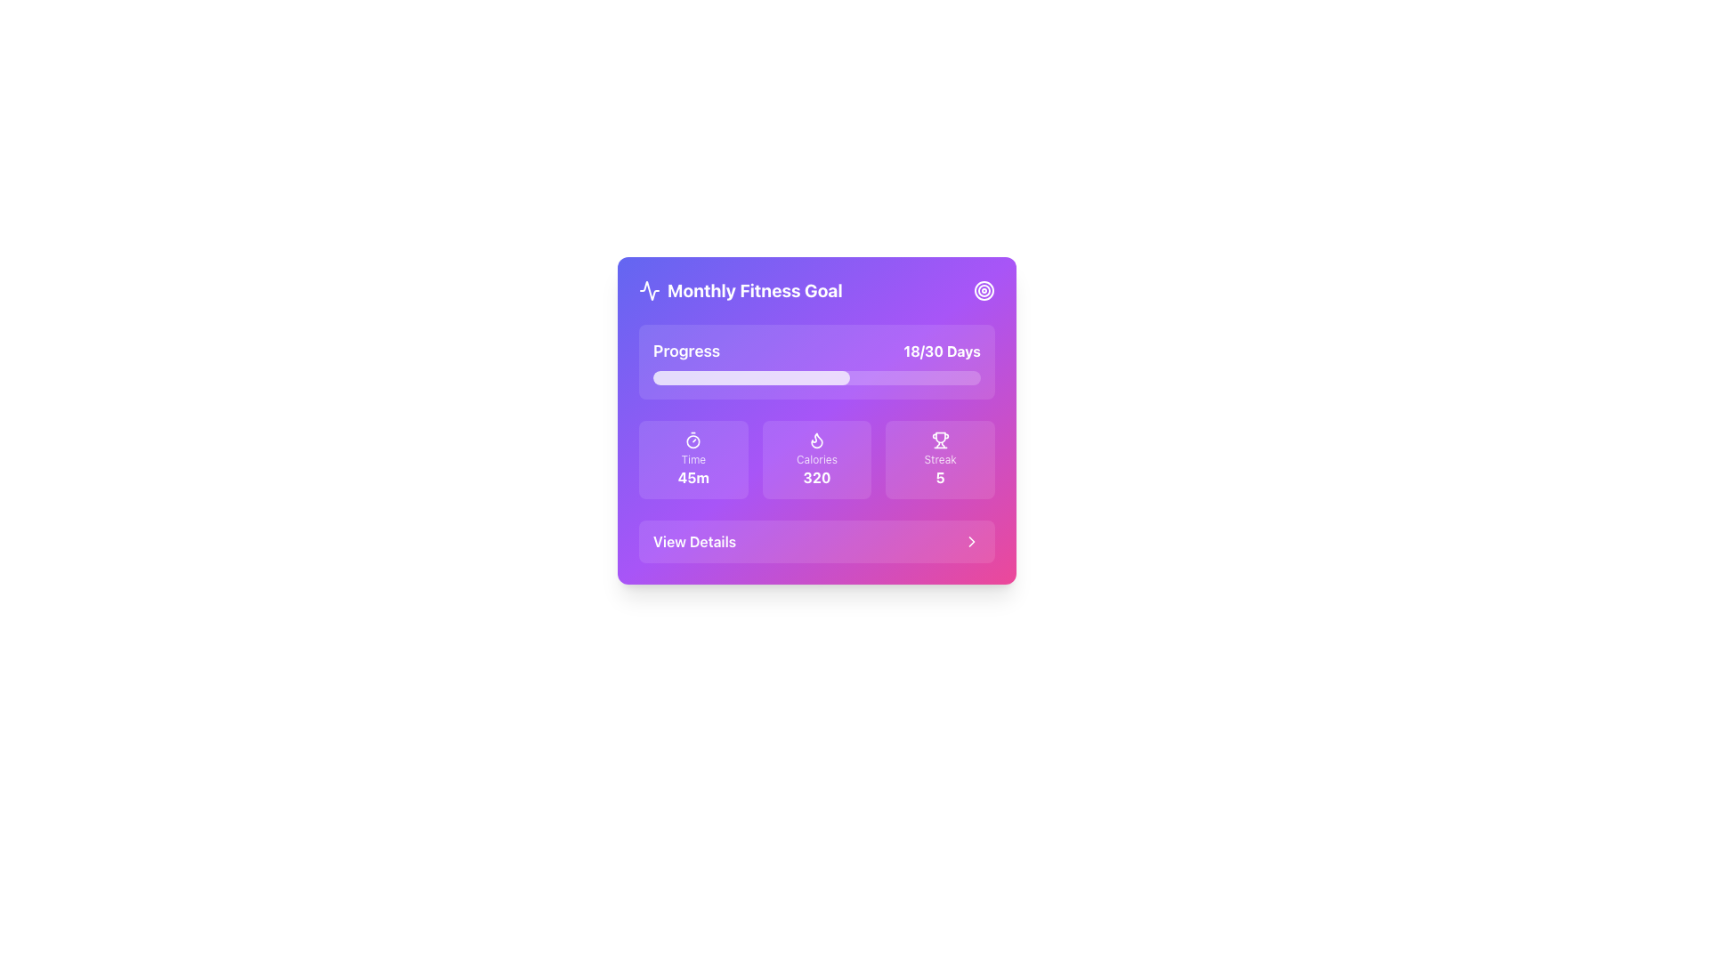 Image resolution: width=1709 pixels, height=961 pixels. I want to click on the Informational card displaying '45 minutes' duration, which is located in the first column of the grid layout for 'Monthly Fitness Goal', so click(693, 458).